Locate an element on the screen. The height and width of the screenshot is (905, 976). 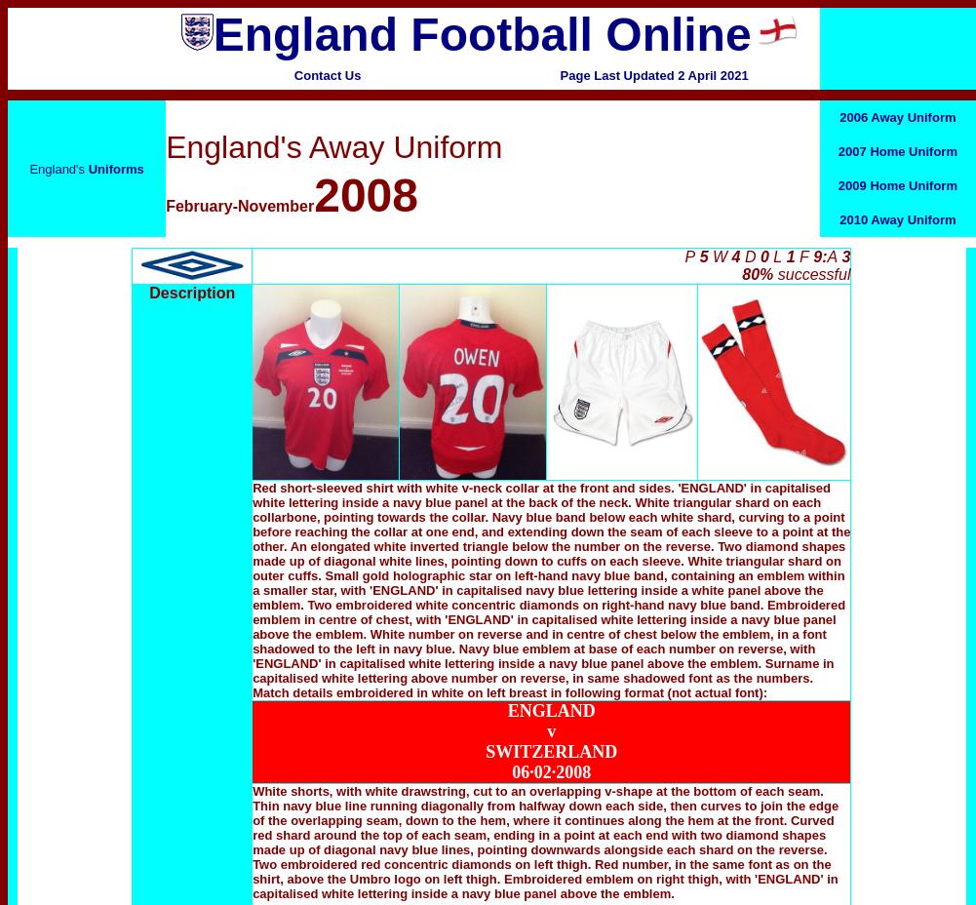
'5' is located at coordinates (704, 256).